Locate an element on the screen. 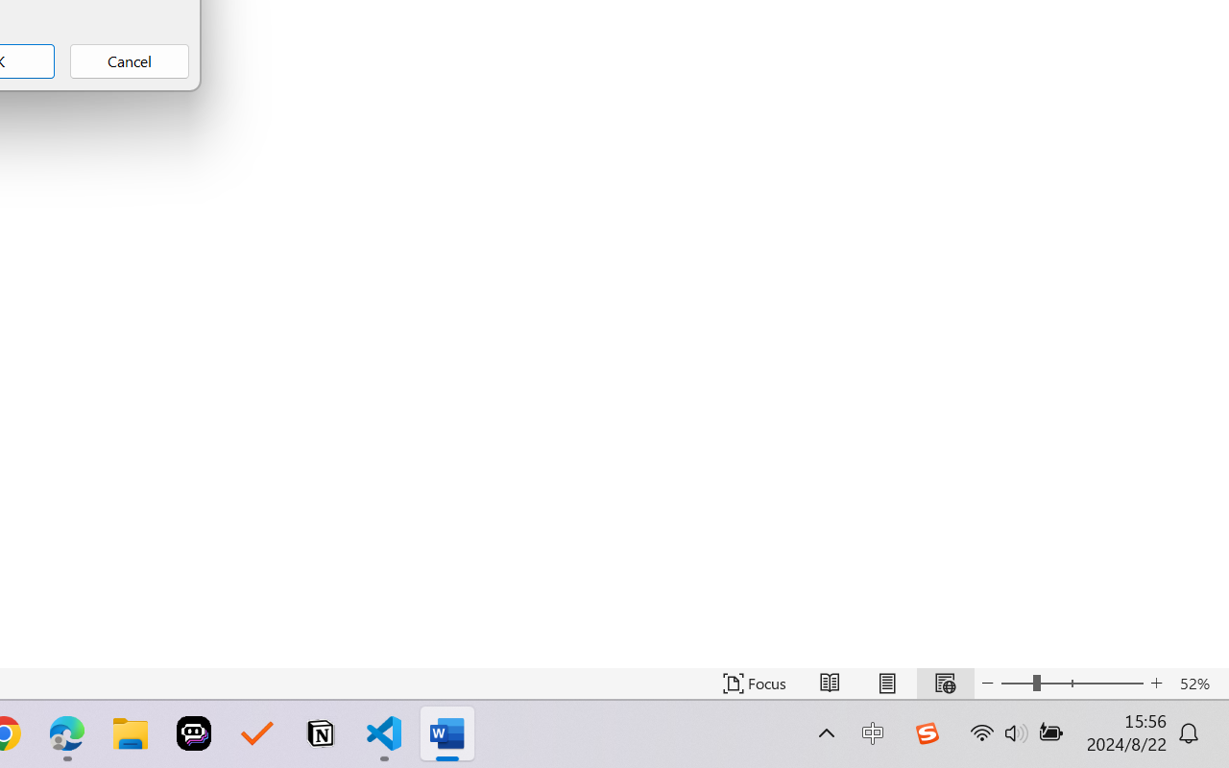 This screenshot has width=1229, height=768. 'Zoom 52%' is located at coordinates (1198, 683).